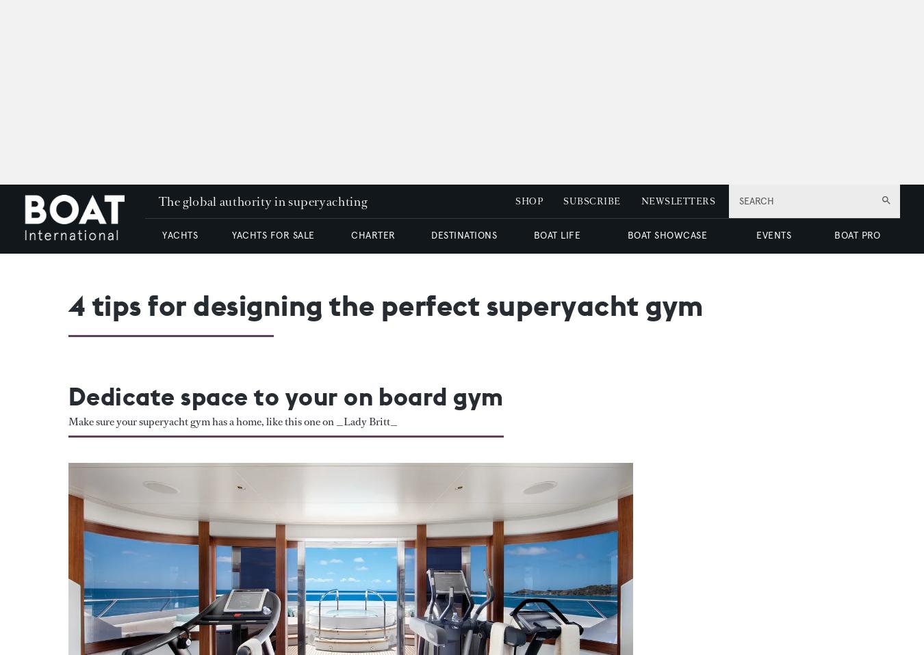 This screenshot has height=655, width=924. Describe the element at coordinates (756, 235) in the screenshot. I see `'EVENTS'` at that location.